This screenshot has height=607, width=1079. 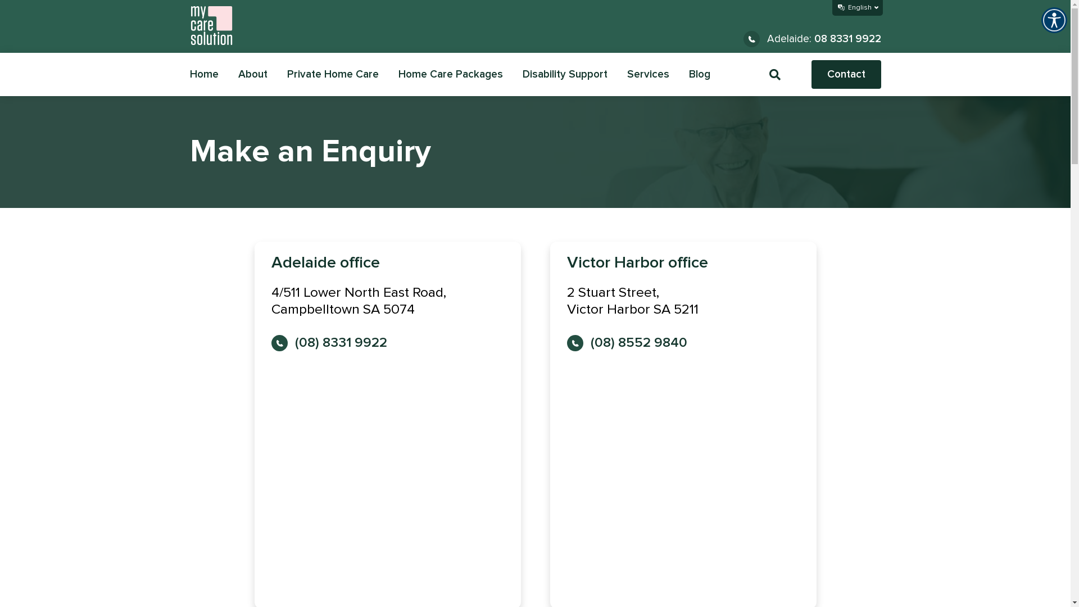 What do you see at coordinates (699, 74) in the screenshot?
I see `'Blog'` at bounding box center [699, 74].